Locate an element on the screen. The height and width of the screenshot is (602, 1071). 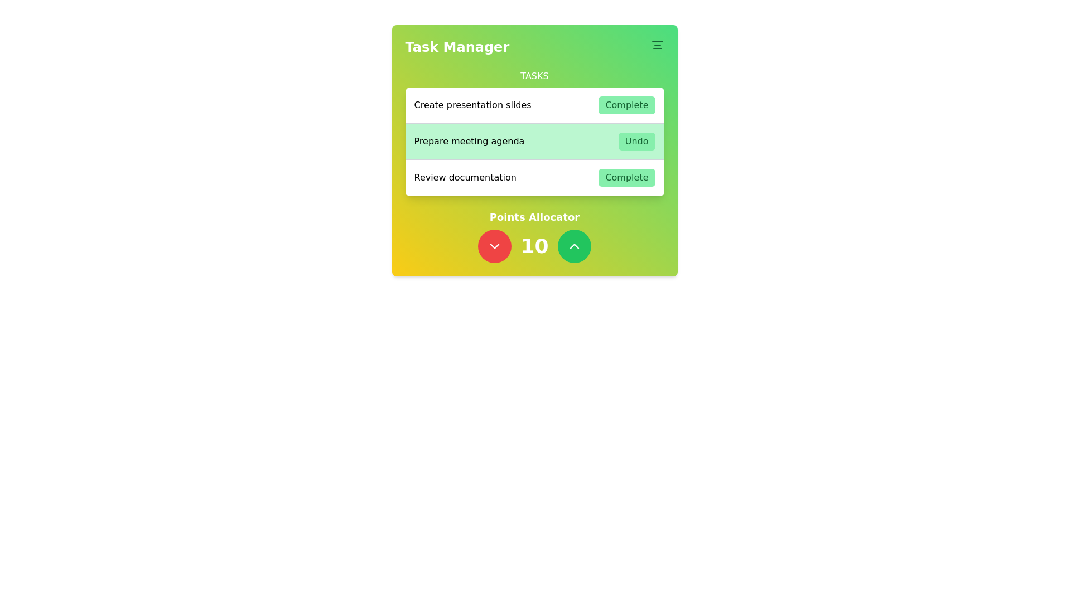
the 'Undo' button in the task row labeled 'Prepare meeting agenda' to revert the action is located at coordinates (534, 132).